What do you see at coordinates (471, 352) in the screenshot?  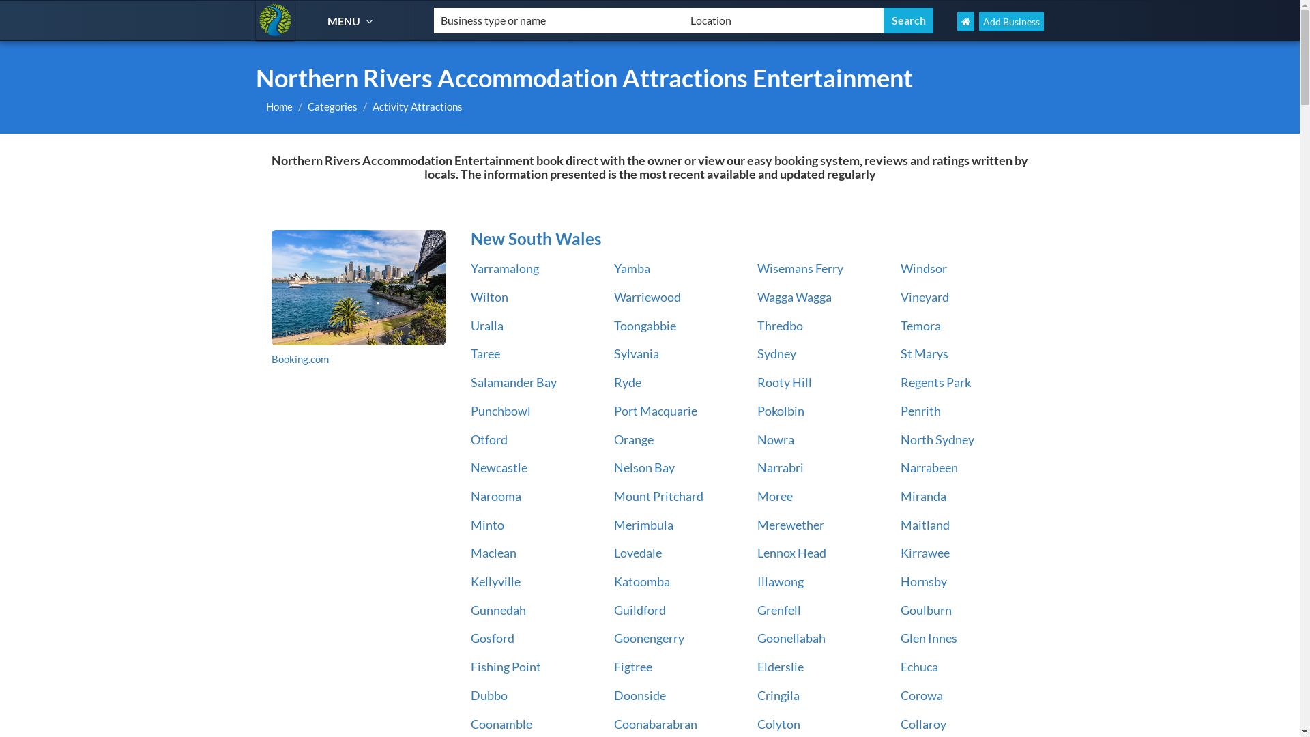 I see `'Taree'` at bounding box center [471, 352].